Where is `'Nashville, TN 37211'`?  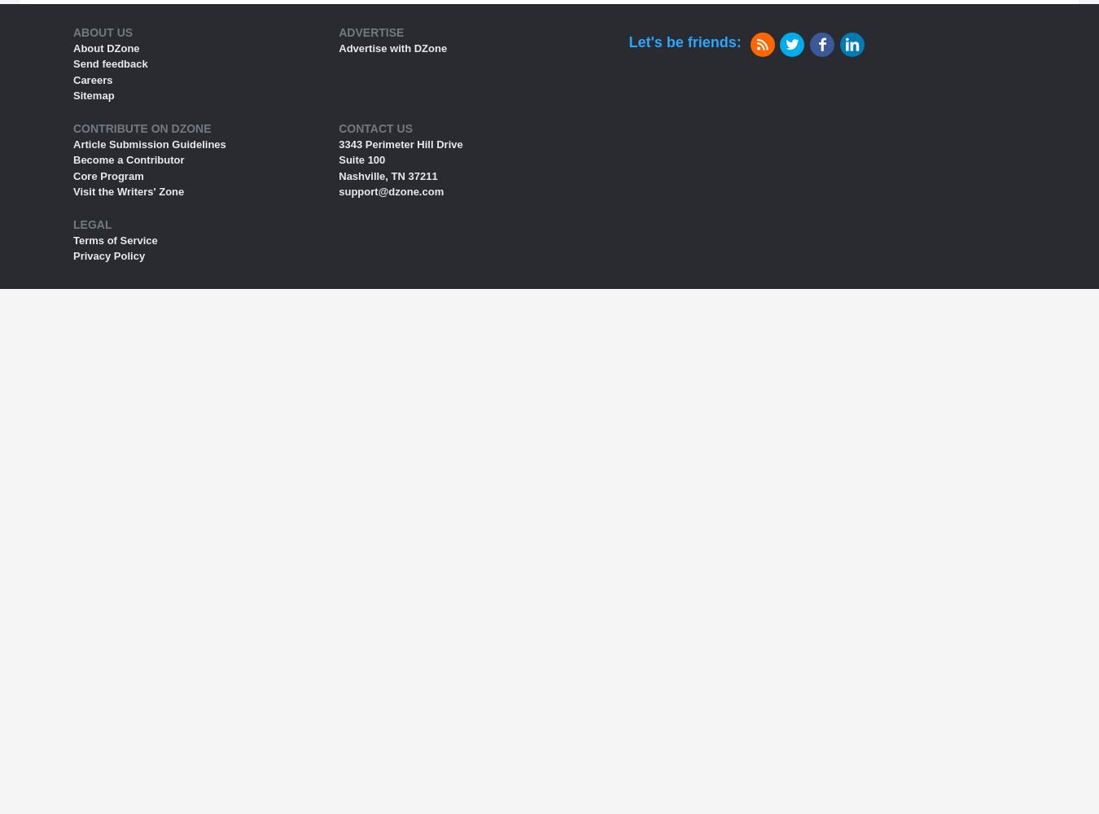 'Nashville, TN 37211' is located at coordinates (387, 174).